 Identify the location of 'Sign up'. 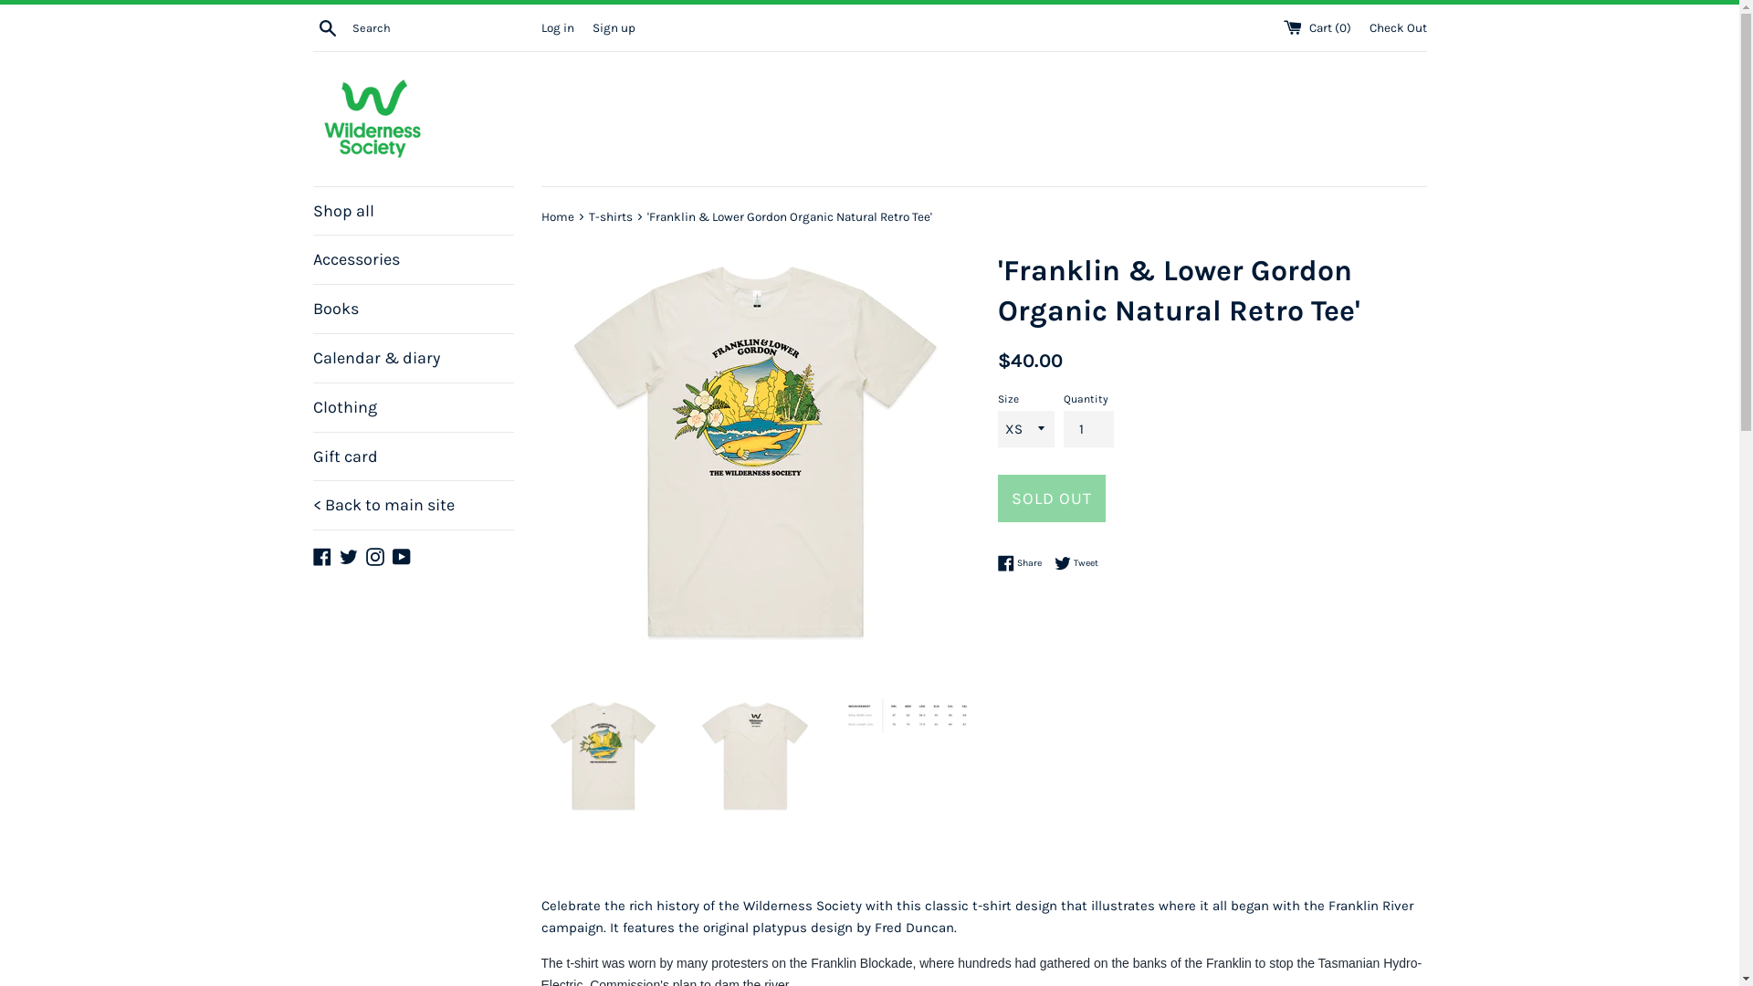
(592, 26).